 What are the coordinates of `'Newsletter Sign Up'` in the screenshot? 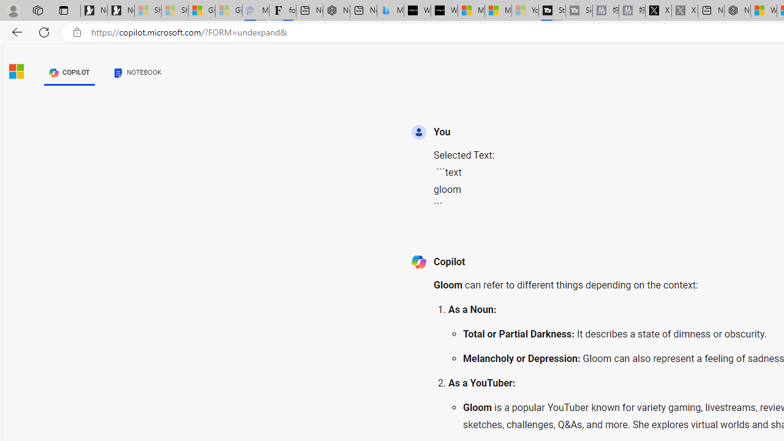 It's located at (121, 10).